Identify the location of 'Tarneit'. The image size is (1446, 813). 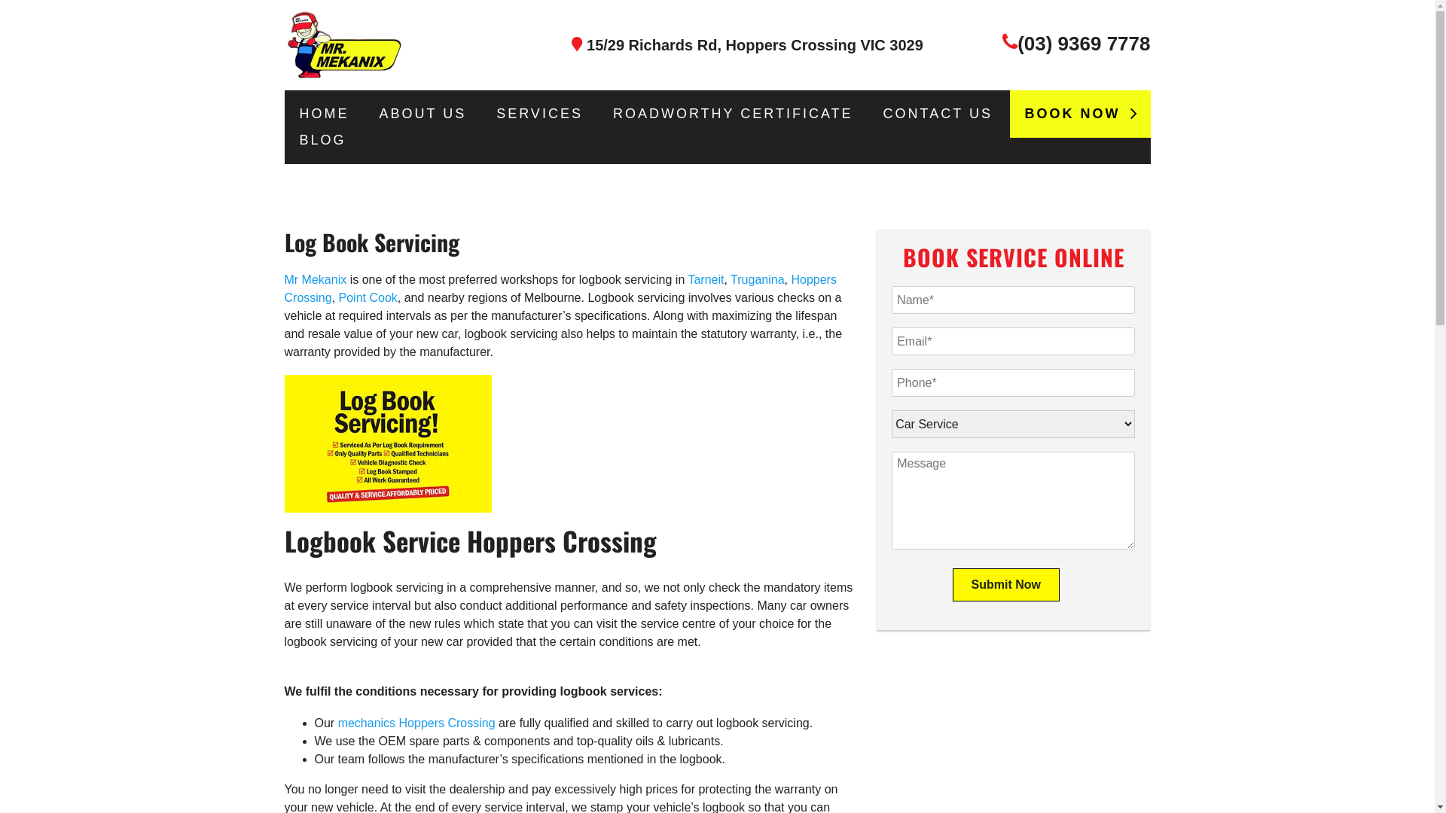
(686, 279).